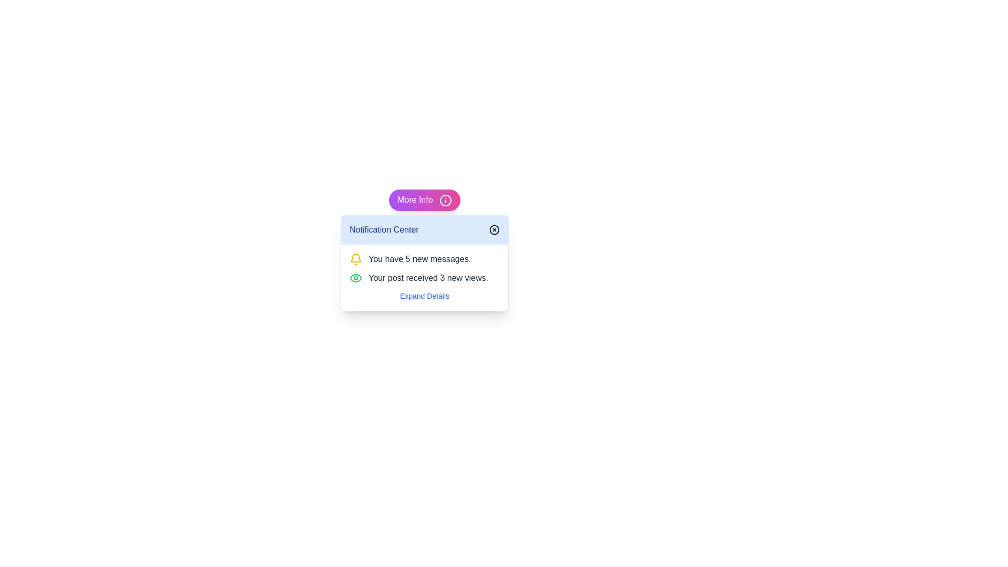  What do you see at coordinates (424, 296) in the screenshot?
I see `the blue text link labeled 'Expand Details'` at bounding box center [424, 296].